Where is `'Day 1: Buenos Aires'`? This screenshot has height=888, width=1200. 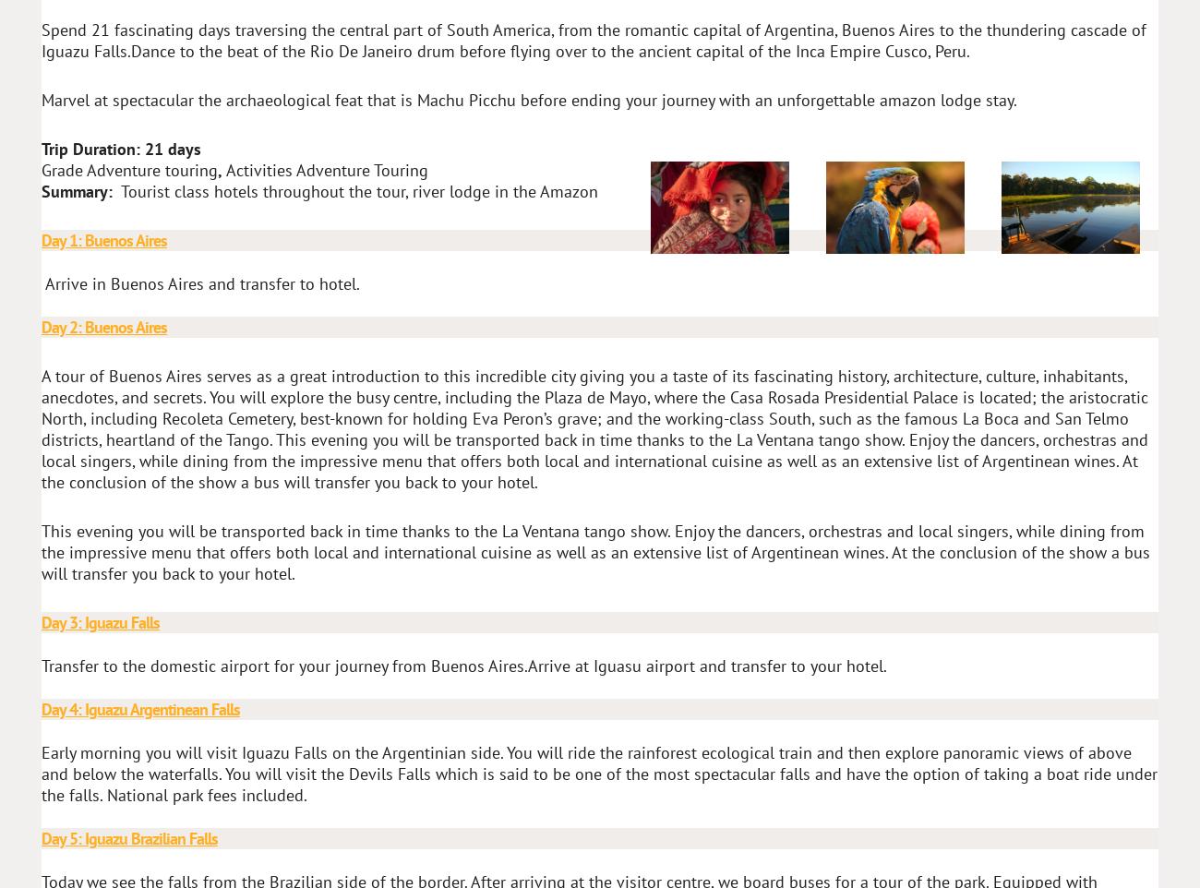 'Day 1: Buenos Aires' is located at coordinates (102, 240).